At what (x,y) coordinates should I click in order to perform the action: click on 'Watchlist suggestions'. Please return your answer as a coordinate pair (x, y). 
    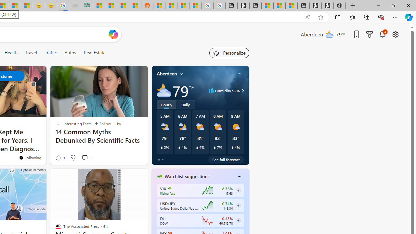
    Looking at the image, I should click on (187, 176).